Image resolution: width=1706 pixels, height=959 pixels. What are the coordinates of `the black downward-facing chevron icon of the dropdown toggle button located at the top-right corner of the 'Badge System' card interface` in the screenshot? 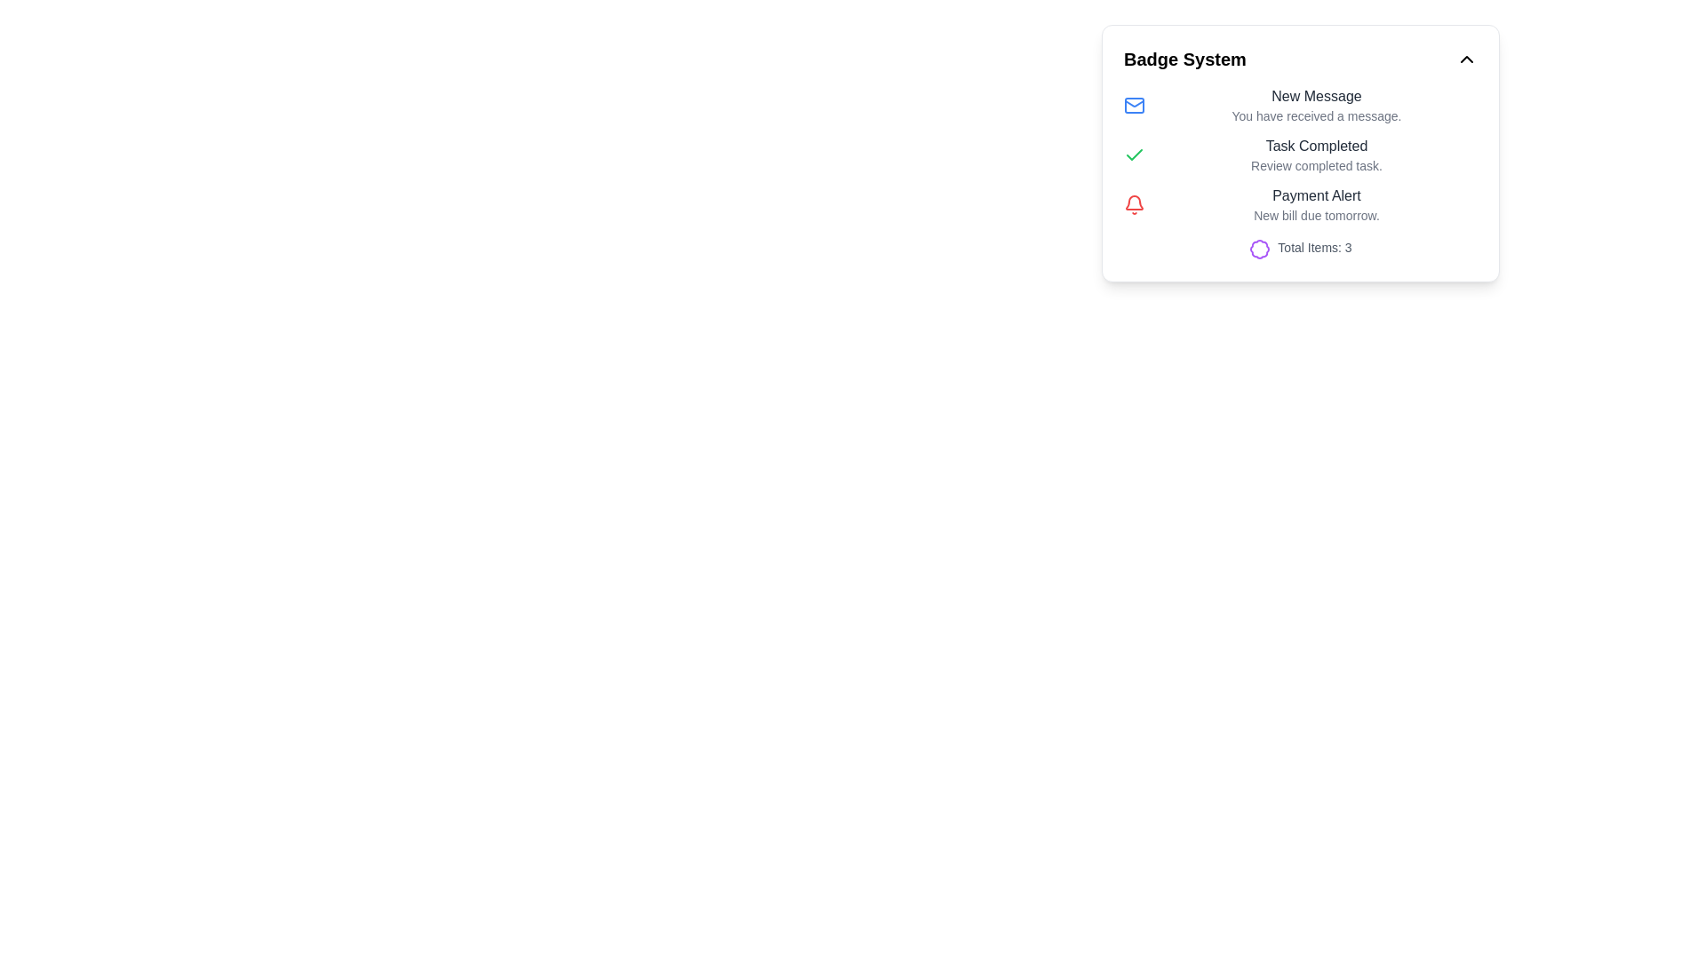 It's located at (1467, 58).